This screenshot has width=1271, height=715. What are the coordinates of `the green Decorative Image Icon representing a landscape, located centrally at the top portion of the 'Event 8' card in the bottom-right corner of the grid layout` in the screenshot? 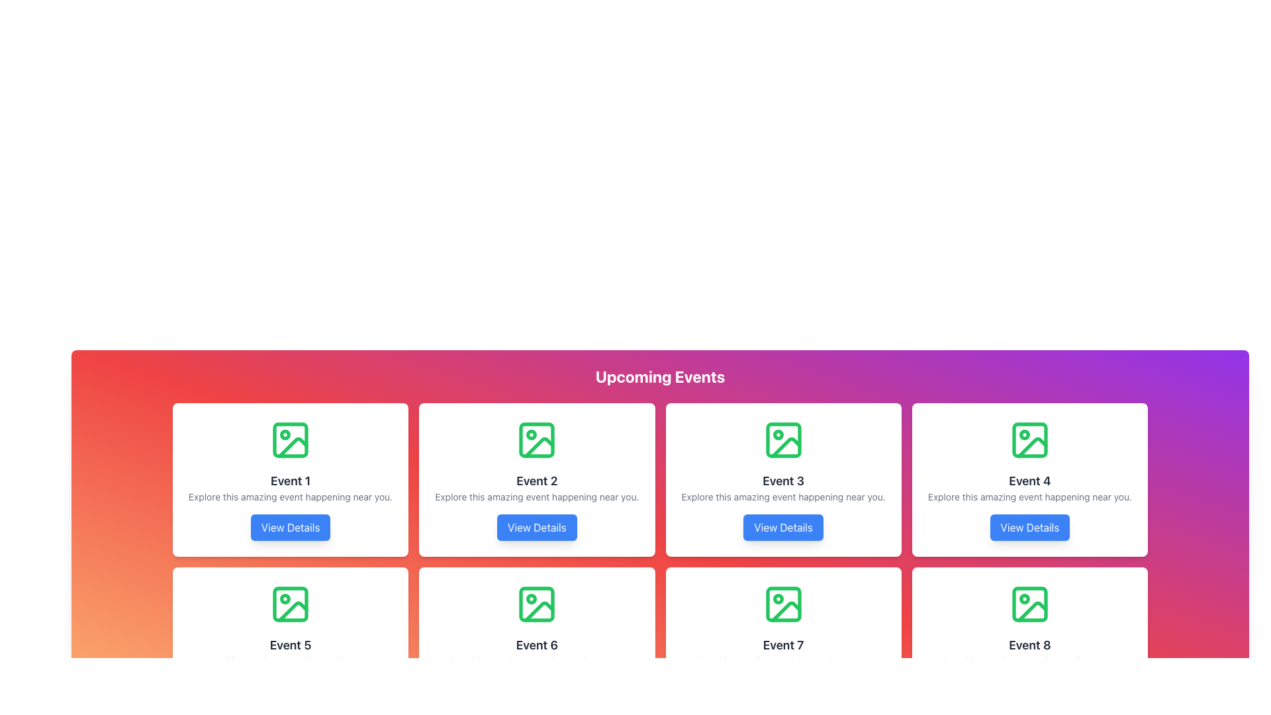 It's located at (1029, 604).